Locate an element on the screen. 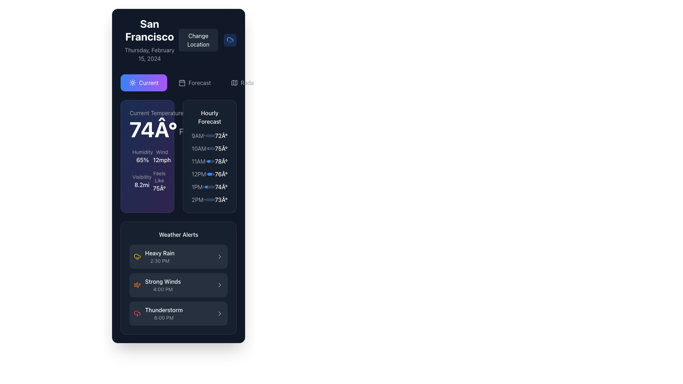 Image resolution: width=683 pixels, height=384 pixels. the map or radar icon located to the left of the 'Radar' text in the upper right section of the content panel is located at coordinates (234, 82).